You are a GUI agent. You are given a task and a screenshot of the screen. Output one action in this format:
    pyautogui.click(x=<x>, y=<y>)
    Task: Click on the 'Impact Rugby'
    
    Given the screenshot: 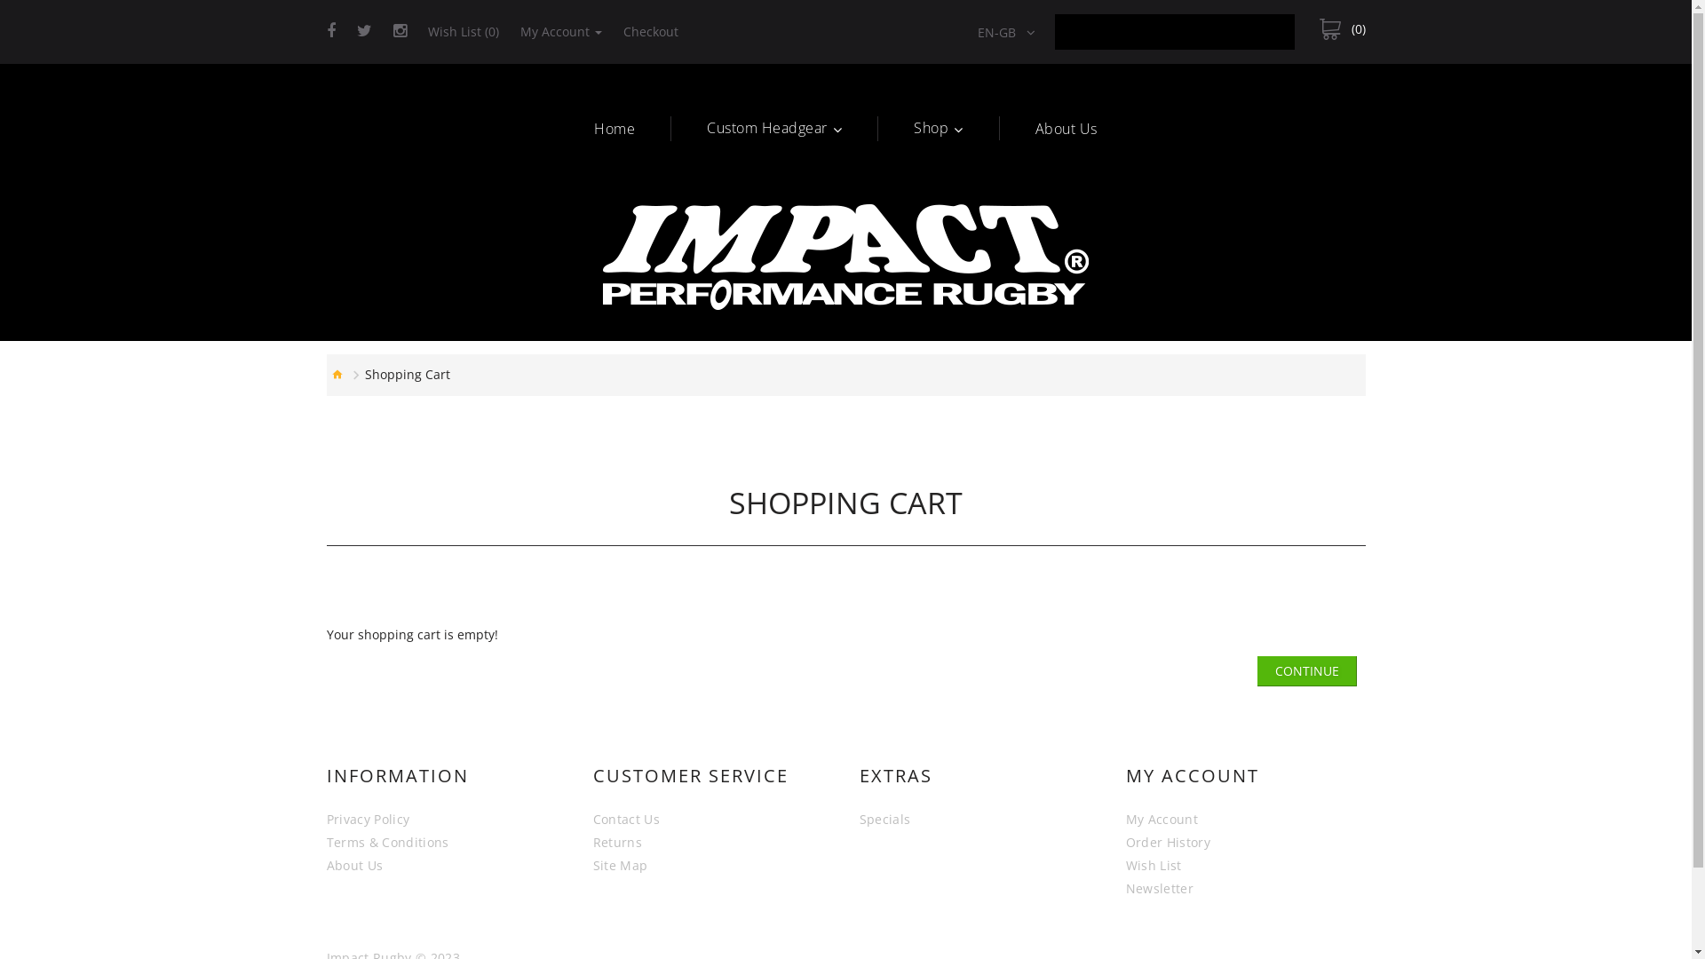 What is the action you would take?
    pyautogui.click(x=844, y=257)
    